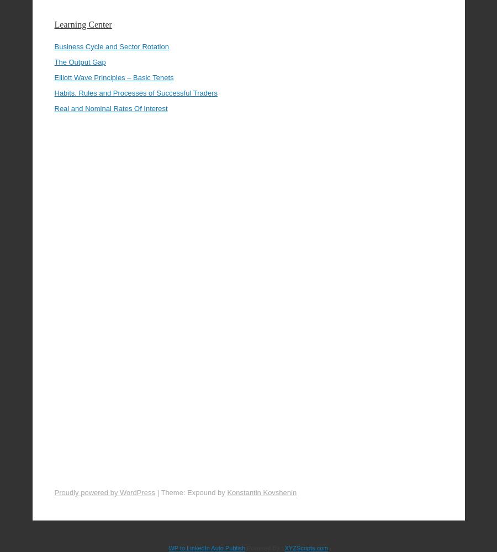 The image size is (497, 552). Describe the element at coordinates (80, 31) in the screenshot. I see `'The Output Gap'` at that location.